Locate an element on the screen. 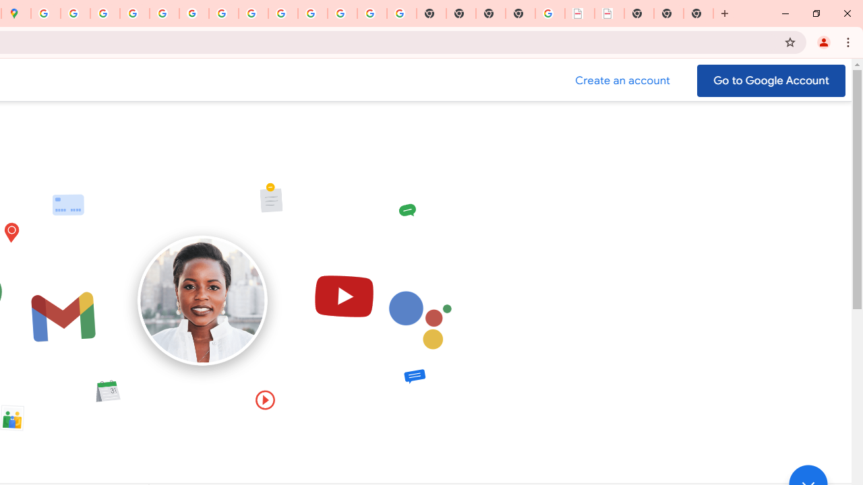 This screenshot has width=863, height=485. 'BAE Systems Brasil | BAE Systems' is located at coordinates (608, 13).